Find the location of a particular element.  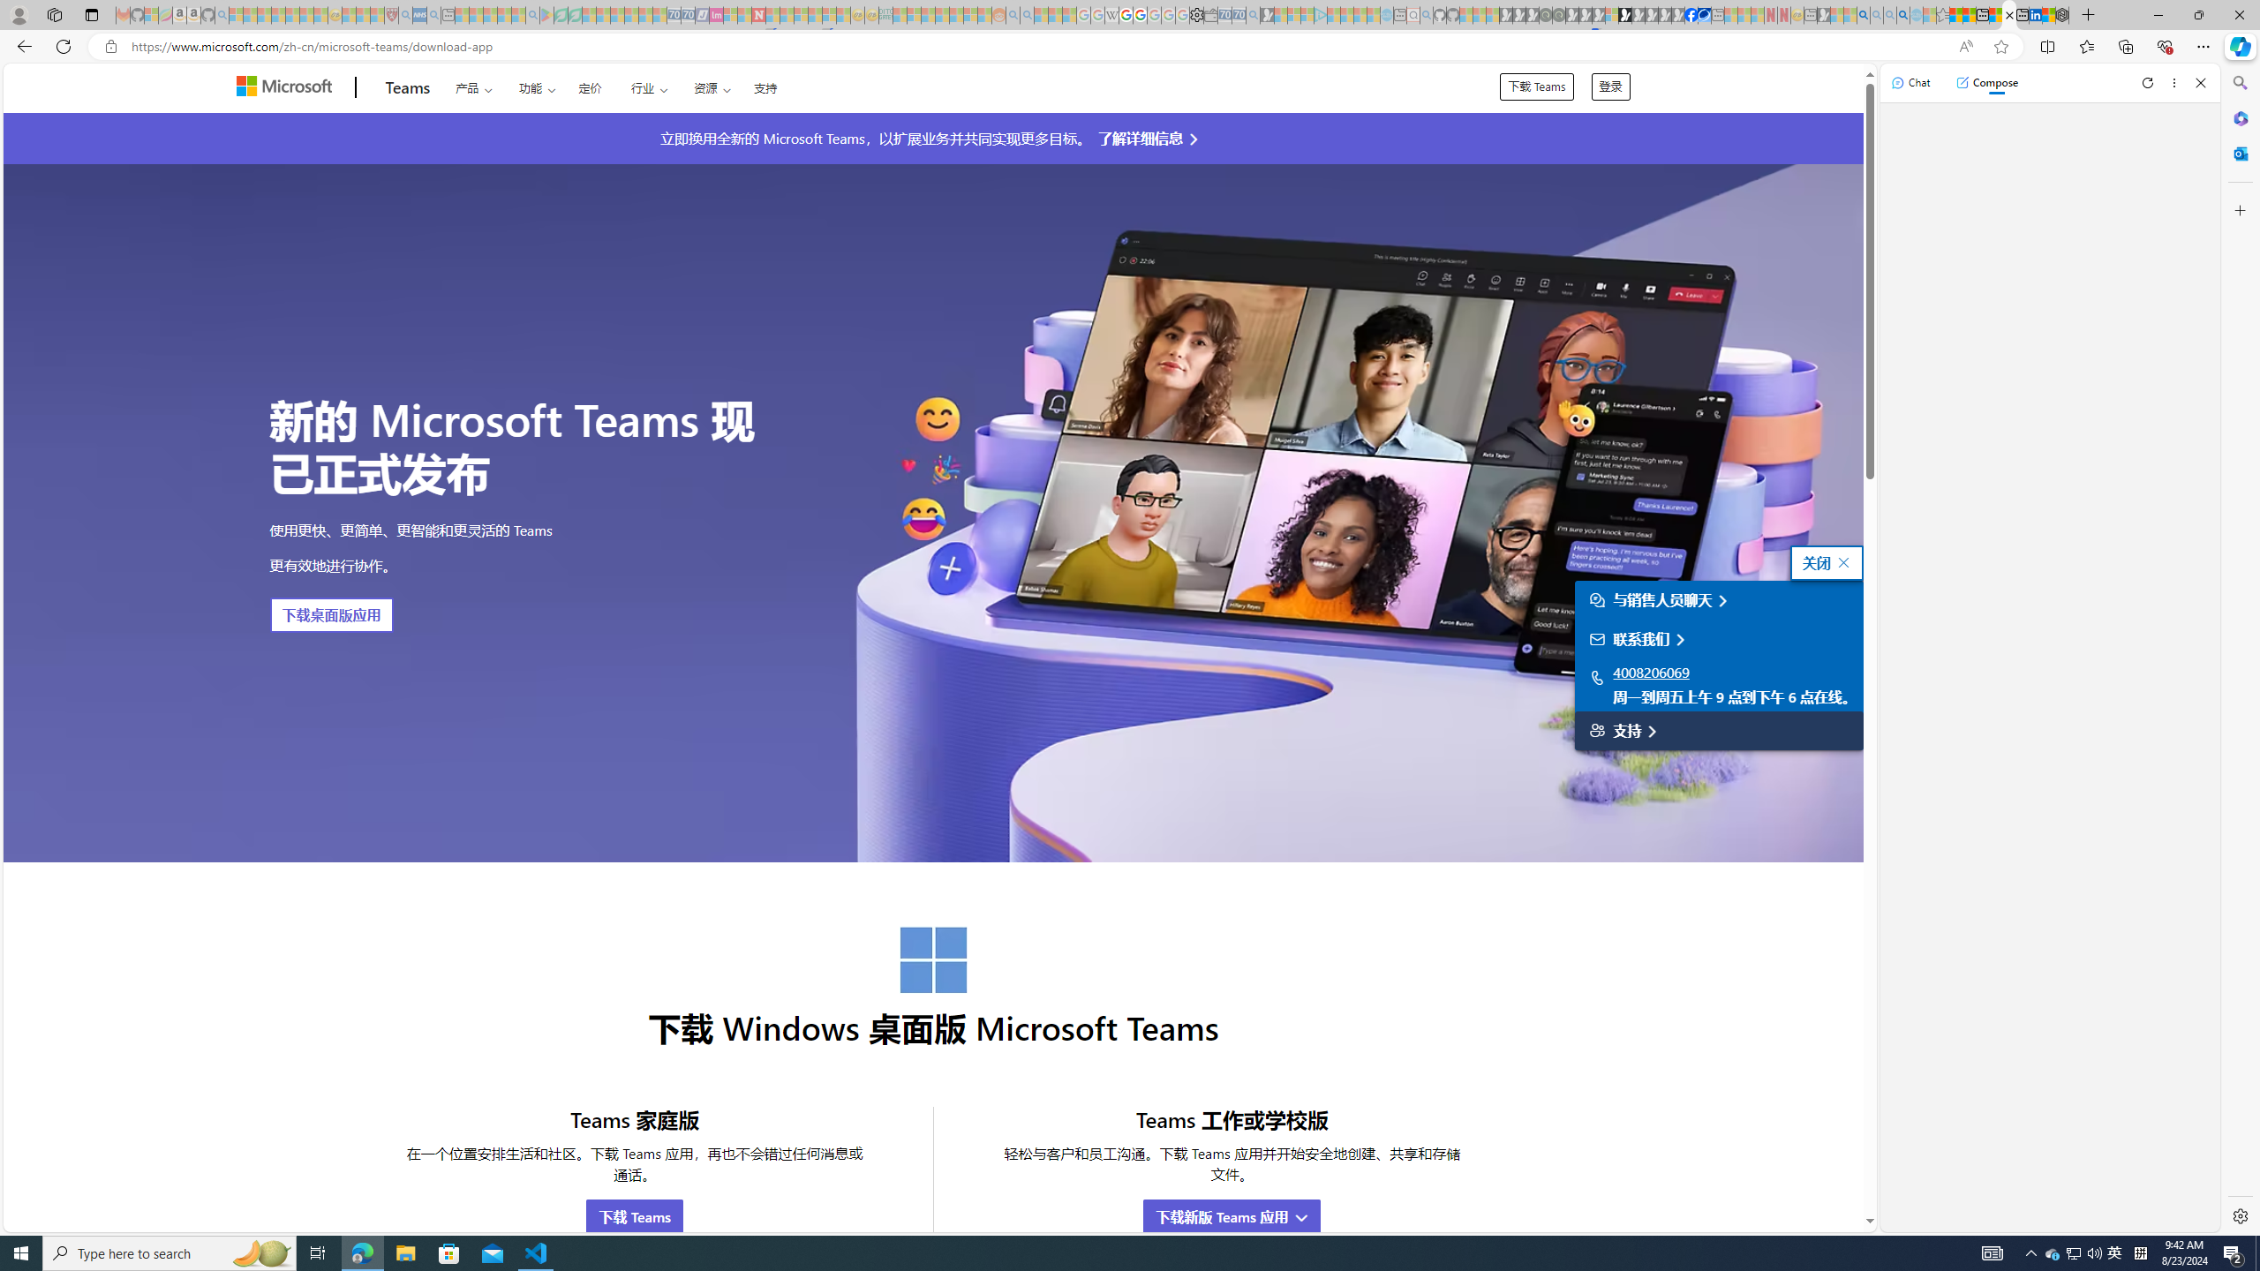

'Compose' is located at coordinates (1986, 81).